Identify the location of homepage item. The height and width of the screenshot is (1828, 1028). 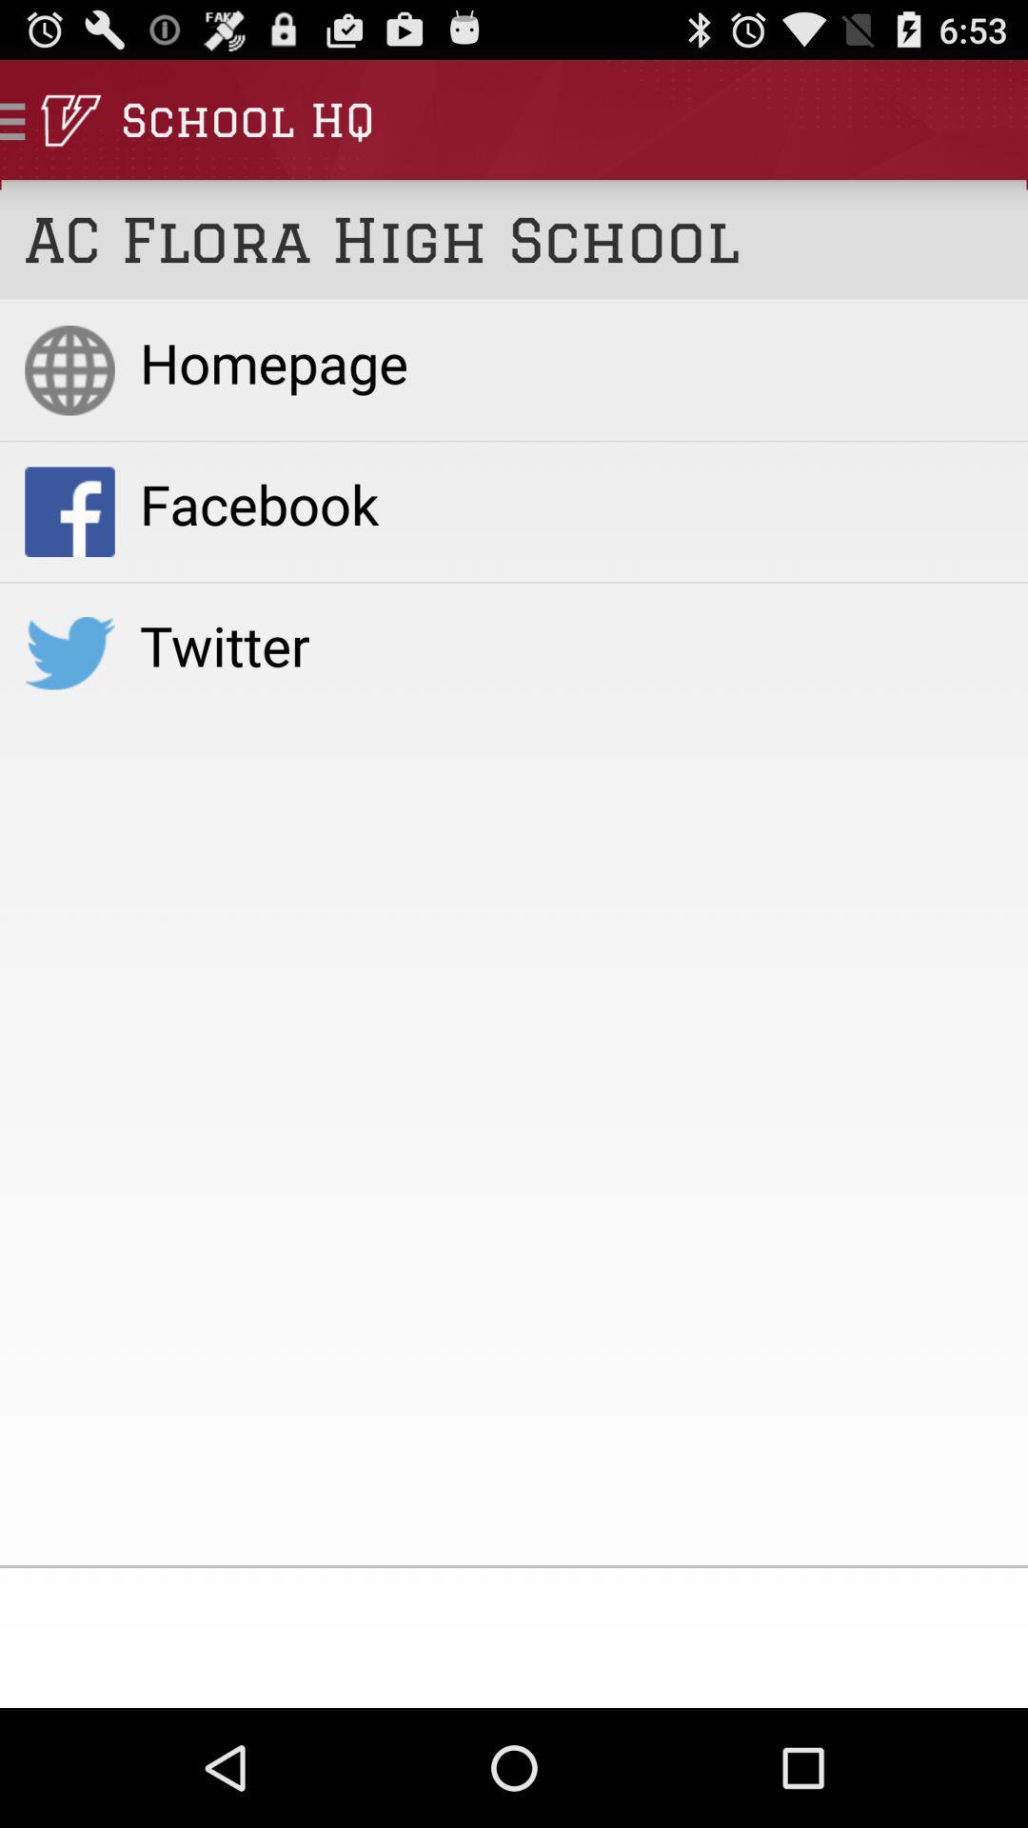
(570, 362).